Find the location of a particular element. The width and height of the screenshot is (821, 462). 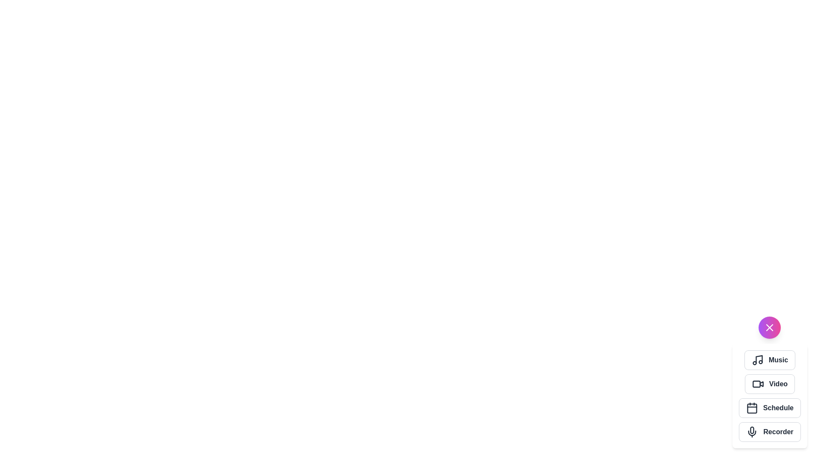

the 'Music' button to select the 'Music' action is located at coordinates (770, 360).